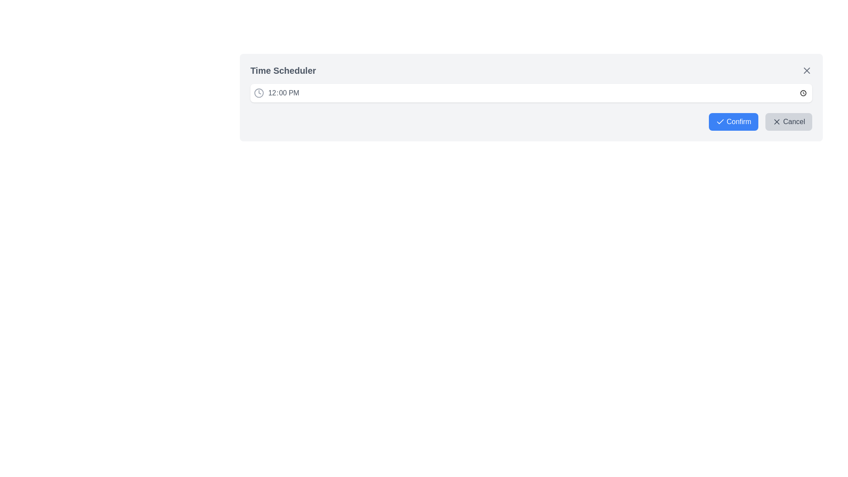  What do you see at coordinates (807, 70) in the screenshot?
I see `the close button located in the top-right corner of the 'Time Scheduler' section to darken its appearance` at bounding box center [807, 70].